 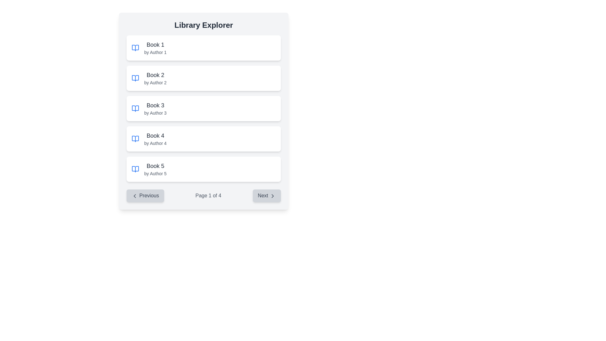 What do you see at coordinates (145, 195) in the screenshot?
I see `the 'Previous' button located in the pagination control area at the bottom-left section of the interface` at bounding box center [145, 195].